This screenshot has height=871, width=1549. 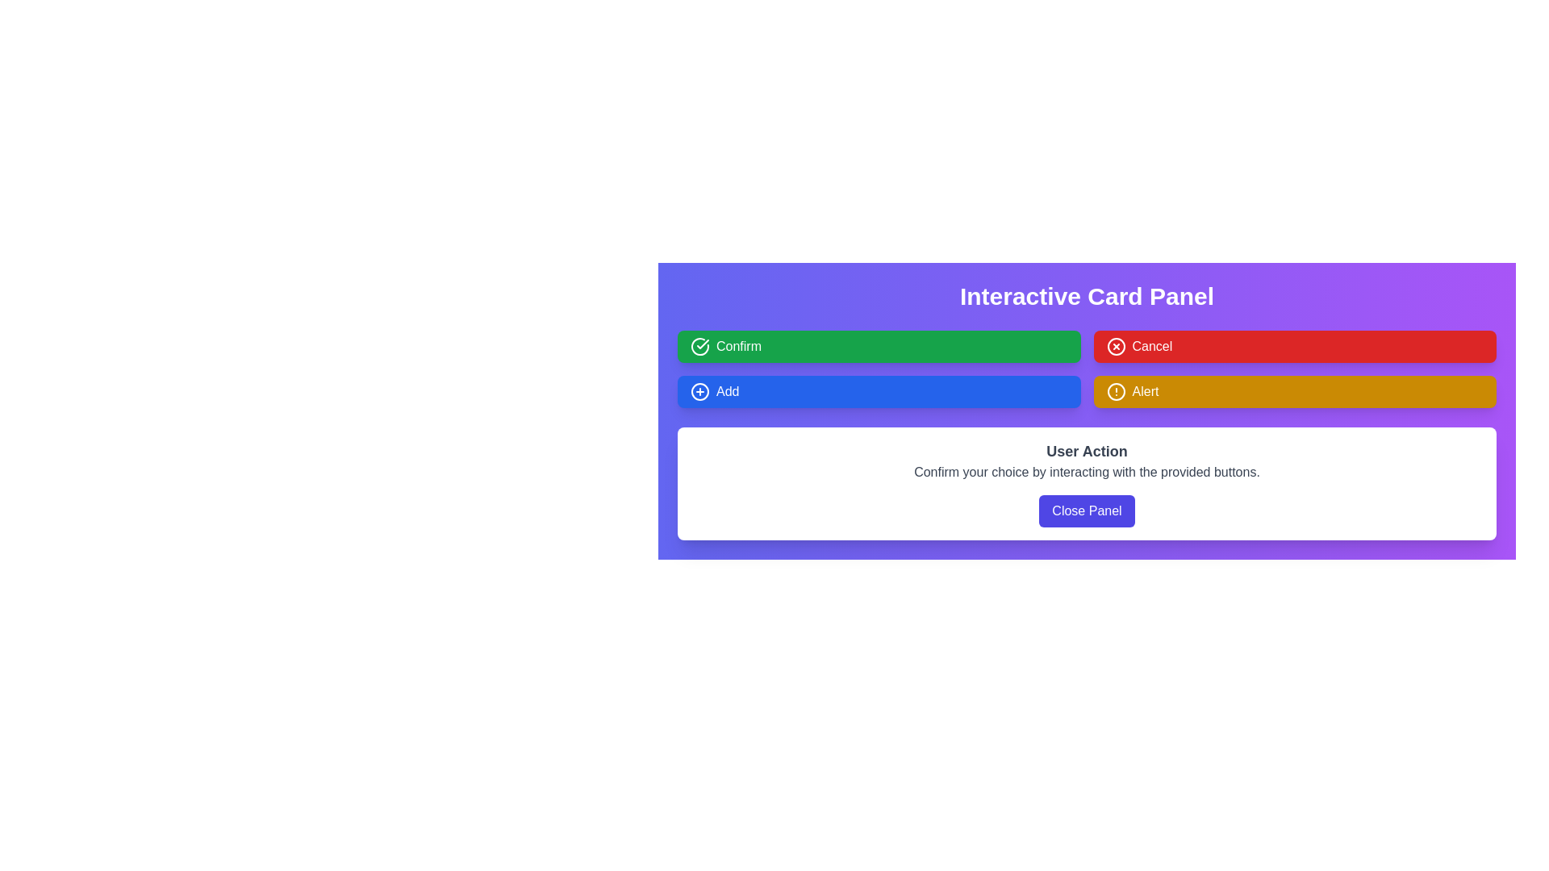 What do you see at coordinates (1115, 392) in the screenshot?
I see `SVG circle graphic element, which is part of the alert icon, positioned beneath the 'Alert' label in the button row` at bounding box center [1115, 392].